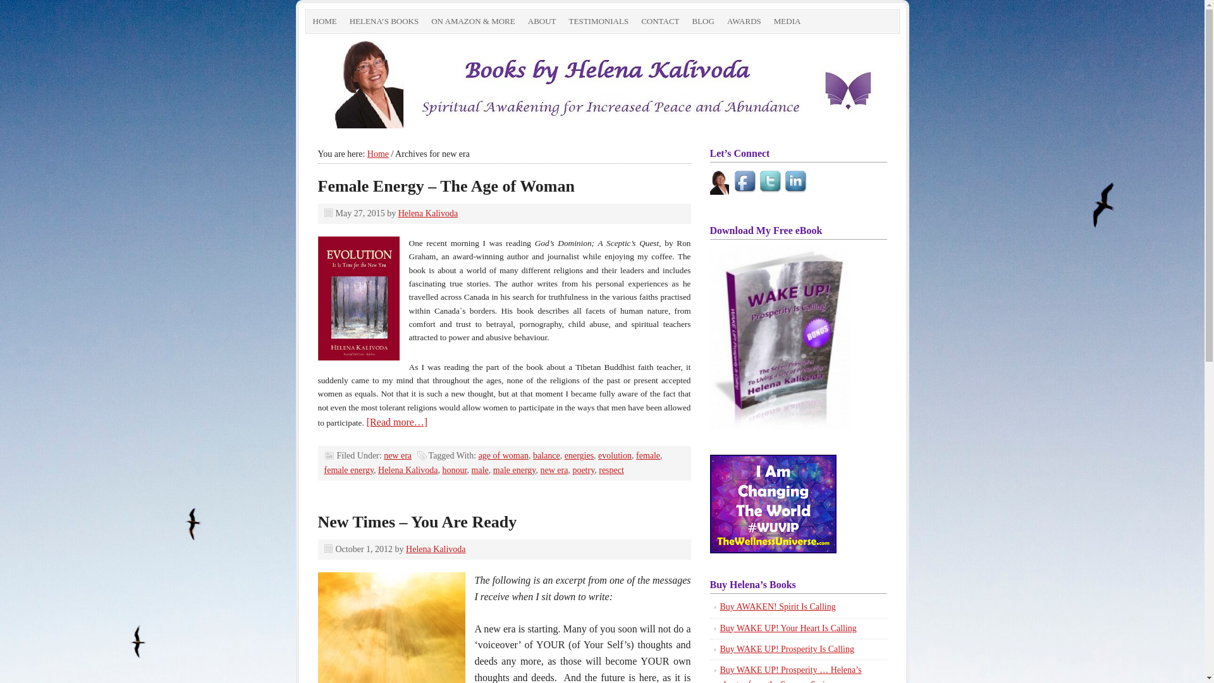  What do you see at coordinates (759, 182) in the screenshot?
I see `'twitter'` at bounding box center [759, 182].